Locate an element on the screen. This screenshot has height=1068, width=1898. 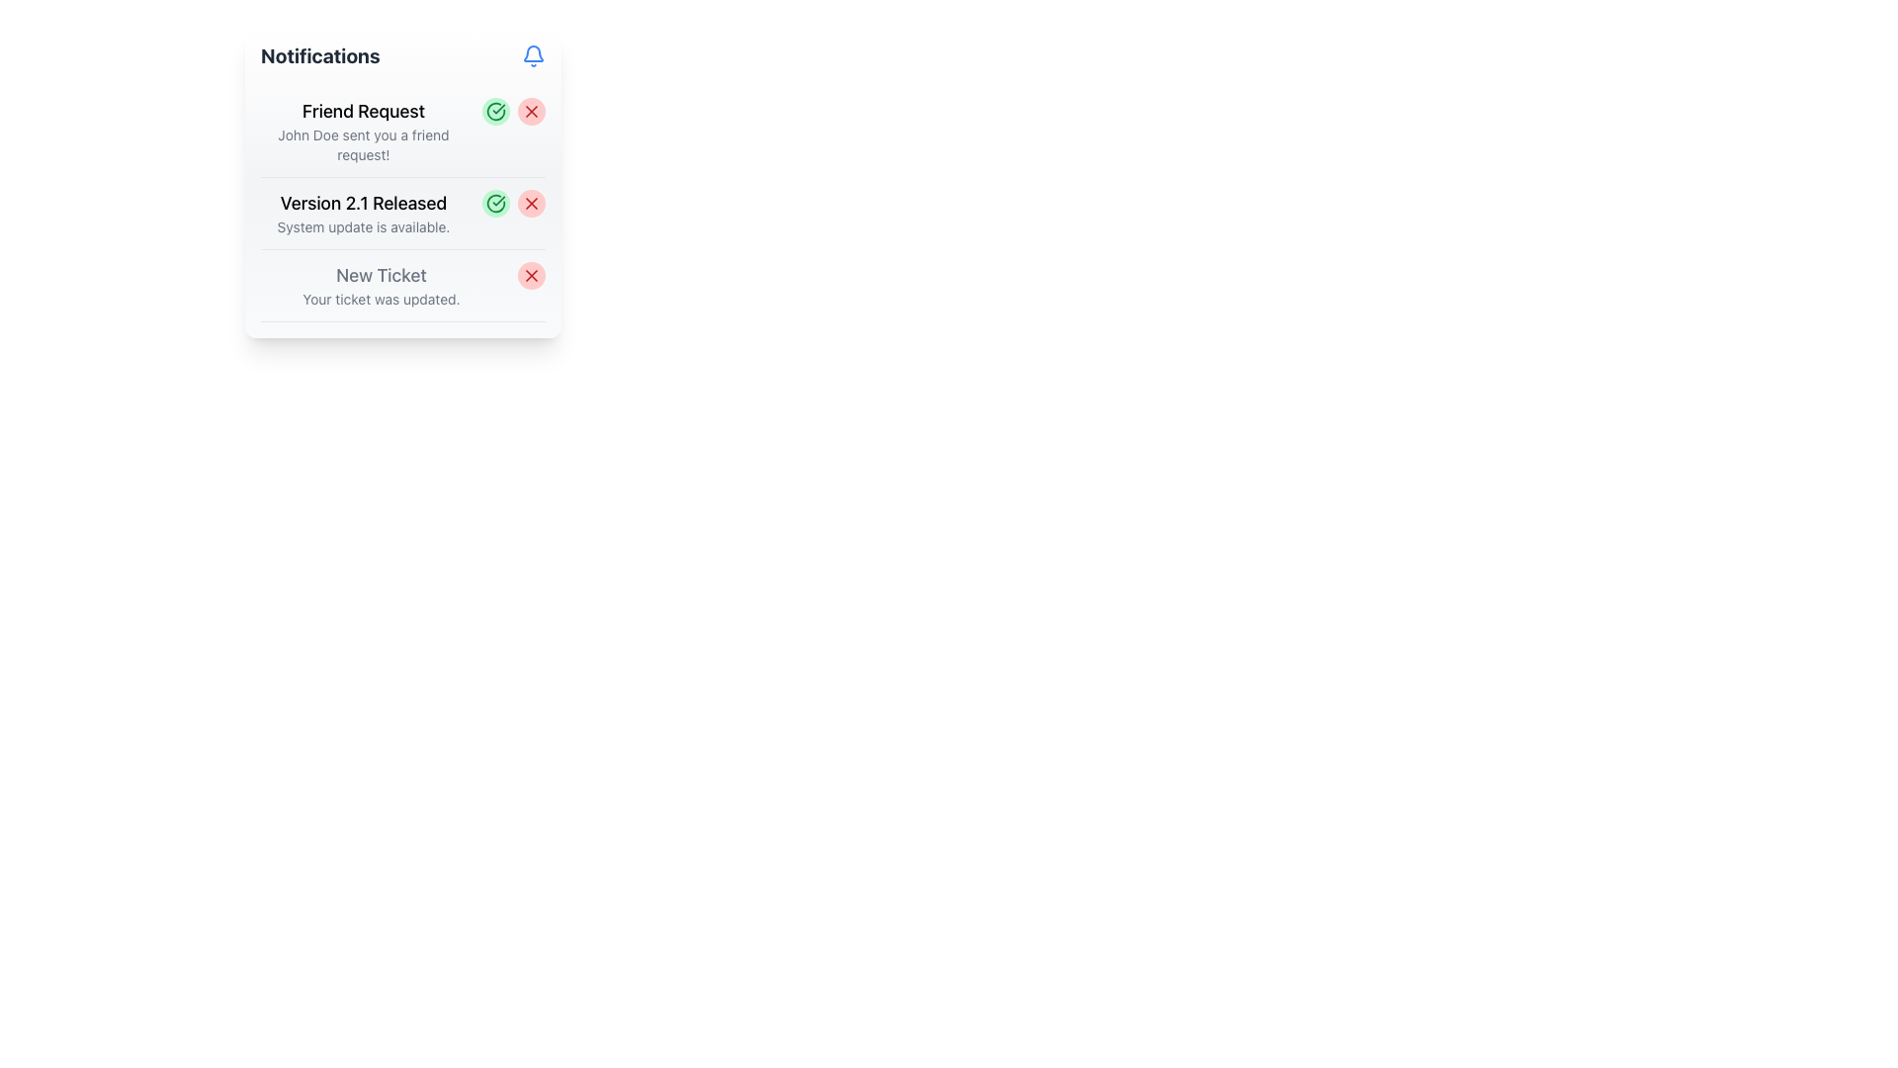
the text label that reads 'System update is available.' located beneath 'Version 2.1 Released' in the notification section of the card layout is located at coordinates (364, 226).